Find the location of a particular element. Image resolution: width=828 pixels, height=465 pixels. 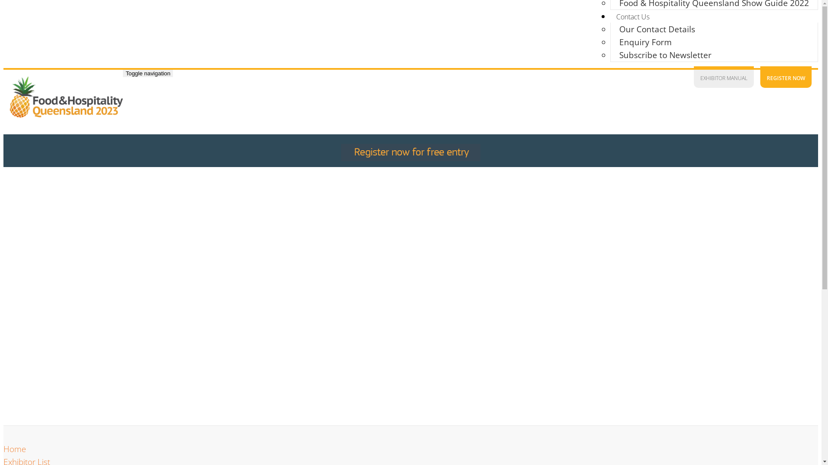

'Our Contact Details' is located at coordinates (610, 29).